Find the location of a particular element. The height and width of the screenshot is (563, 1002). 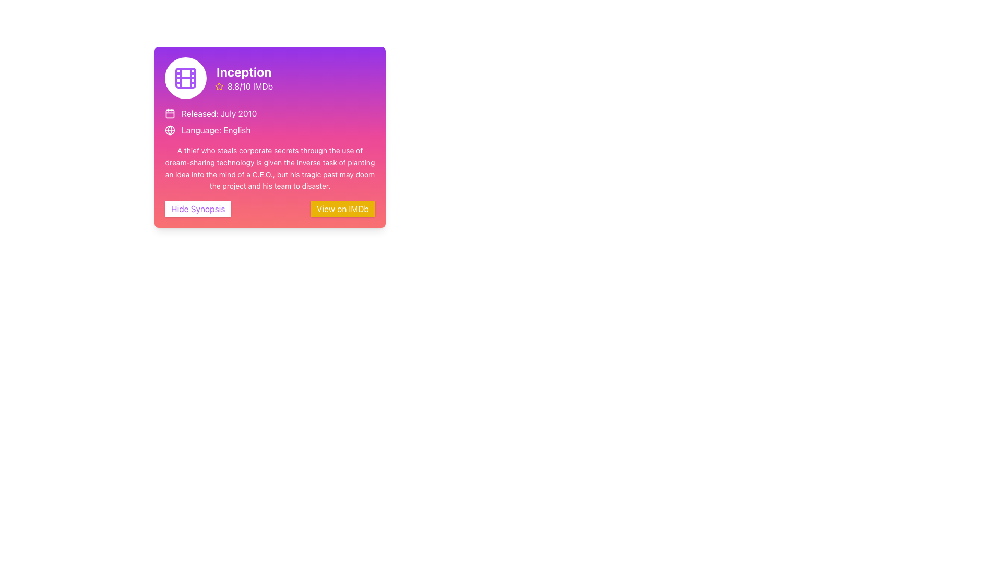

the text element displaying 'Released: July 2010' which is positioned to the right of a small calendar icon and below the heading 'Inception' is located at coordinates (219, 114).